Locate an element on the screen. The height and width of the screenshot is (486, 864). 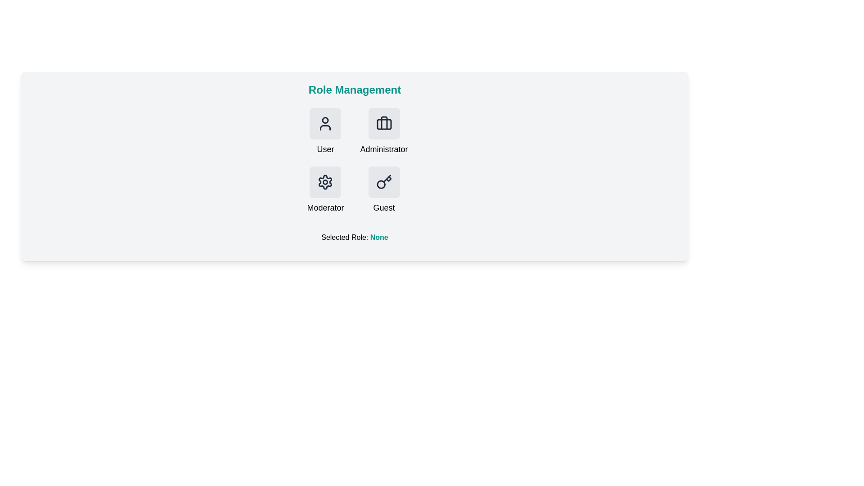
the text label that displays the currently selected role, located at the bottom of the interface below the role buttons is located at coordinates (354, 237).